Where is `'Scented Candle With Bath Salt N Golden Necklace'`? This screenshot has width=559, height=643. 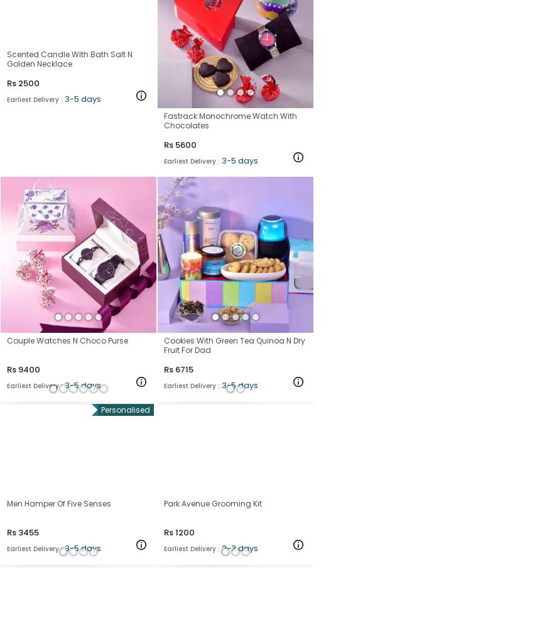
'Scented Candle With Bath Salt N Golden Necklace' is located at coordinates (68, 58).